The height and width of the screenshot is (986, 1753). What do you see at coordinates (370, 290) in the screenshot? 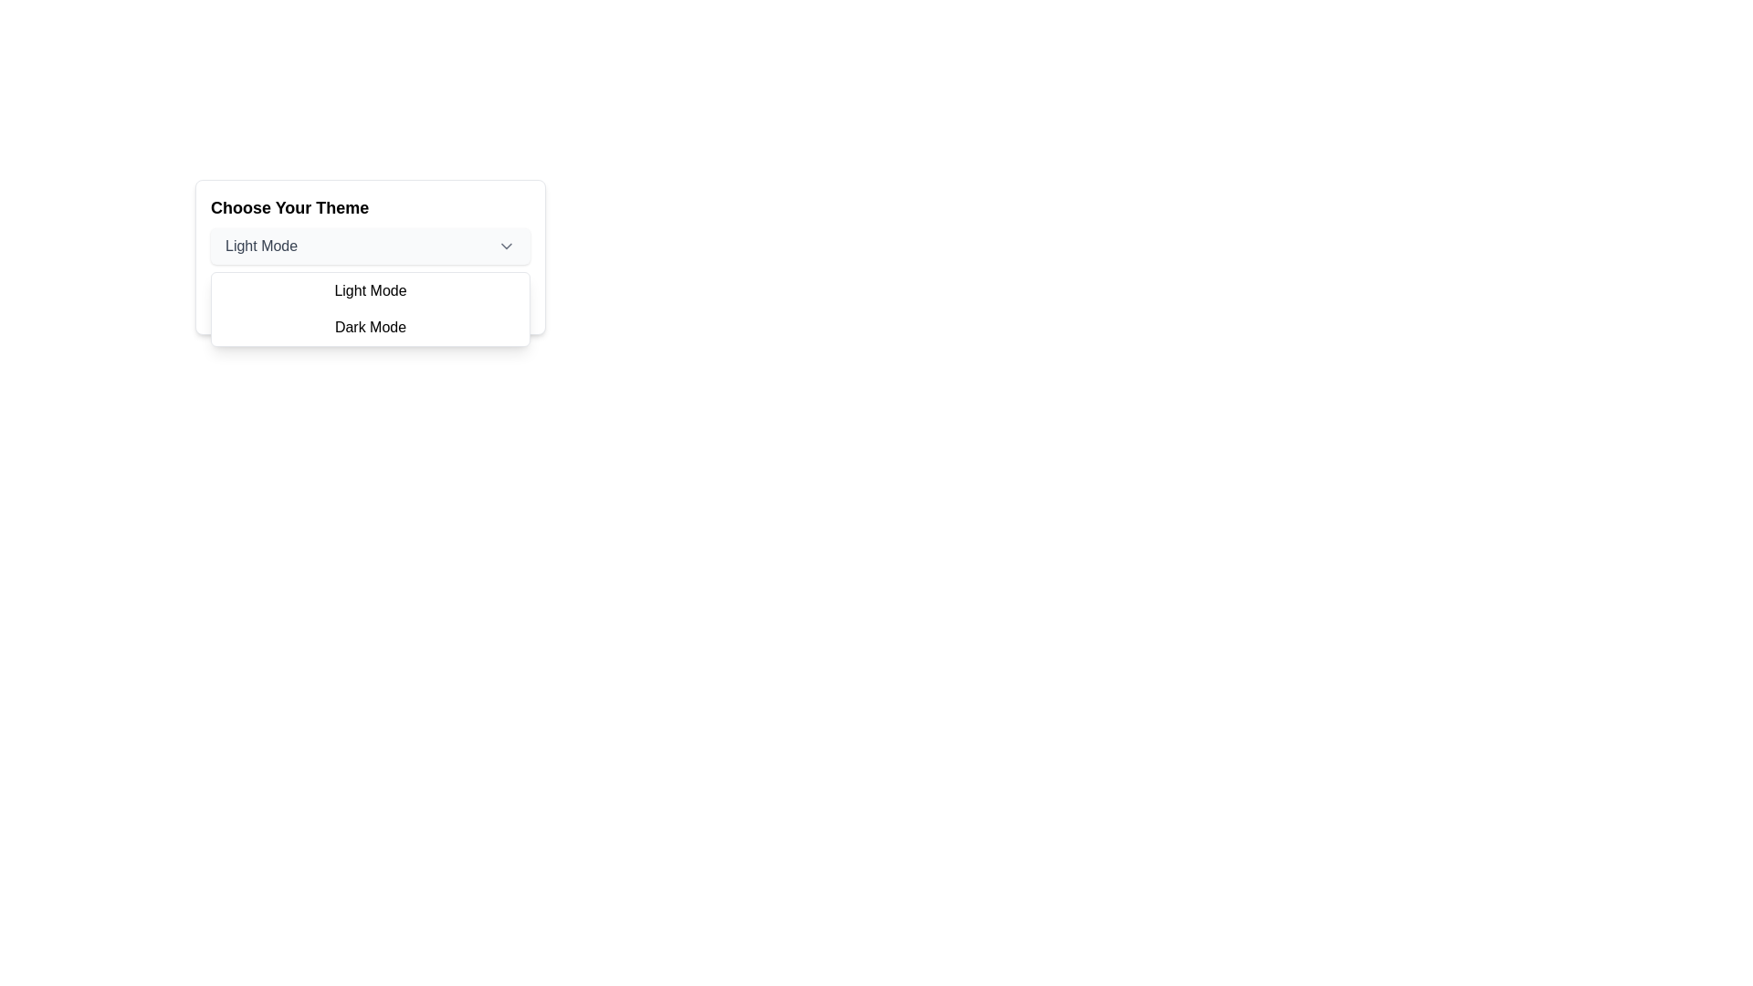
I see `the first option in the dropdown menu` at bounding box center [370, 290].